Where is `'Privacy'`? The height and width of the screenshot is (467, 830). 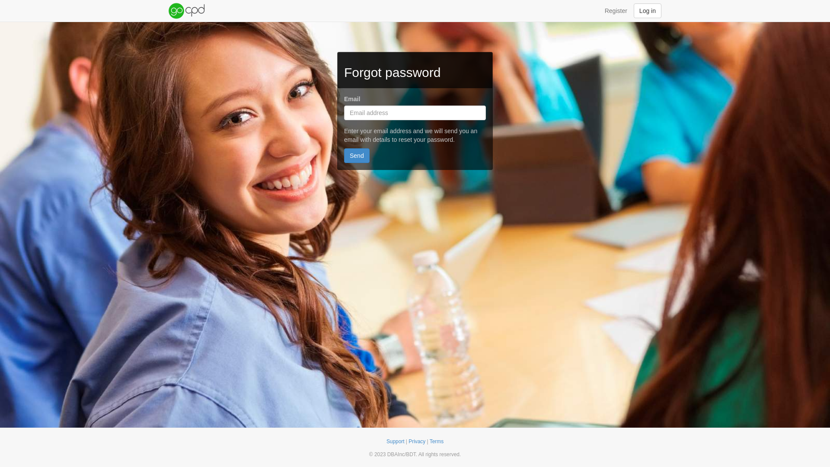 'Privacy' is located at coordinates (417, 441).